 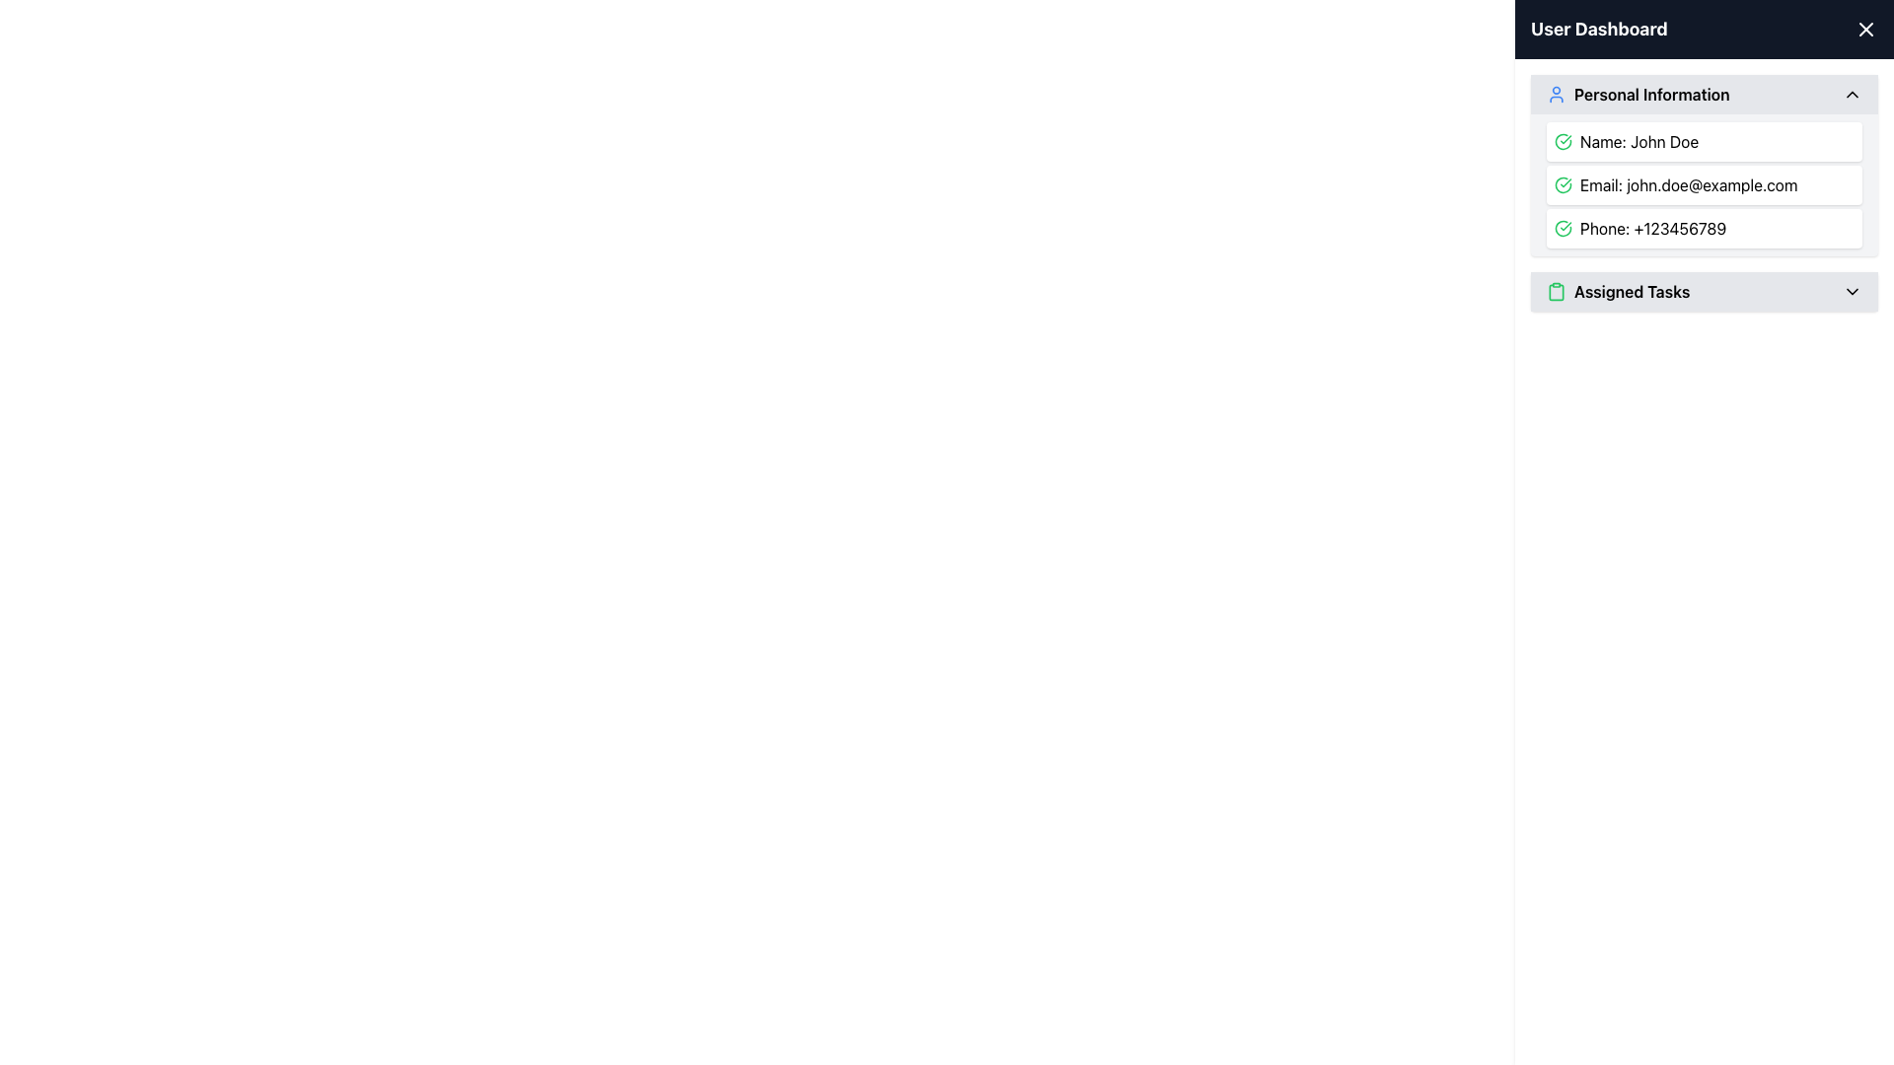 I want to click on information contained in the Information Panel located in the top-left corner of the right-side panel in the dashboard, which displays personal details such as Name, Email, and Phone, so click(x=1704, y=165).